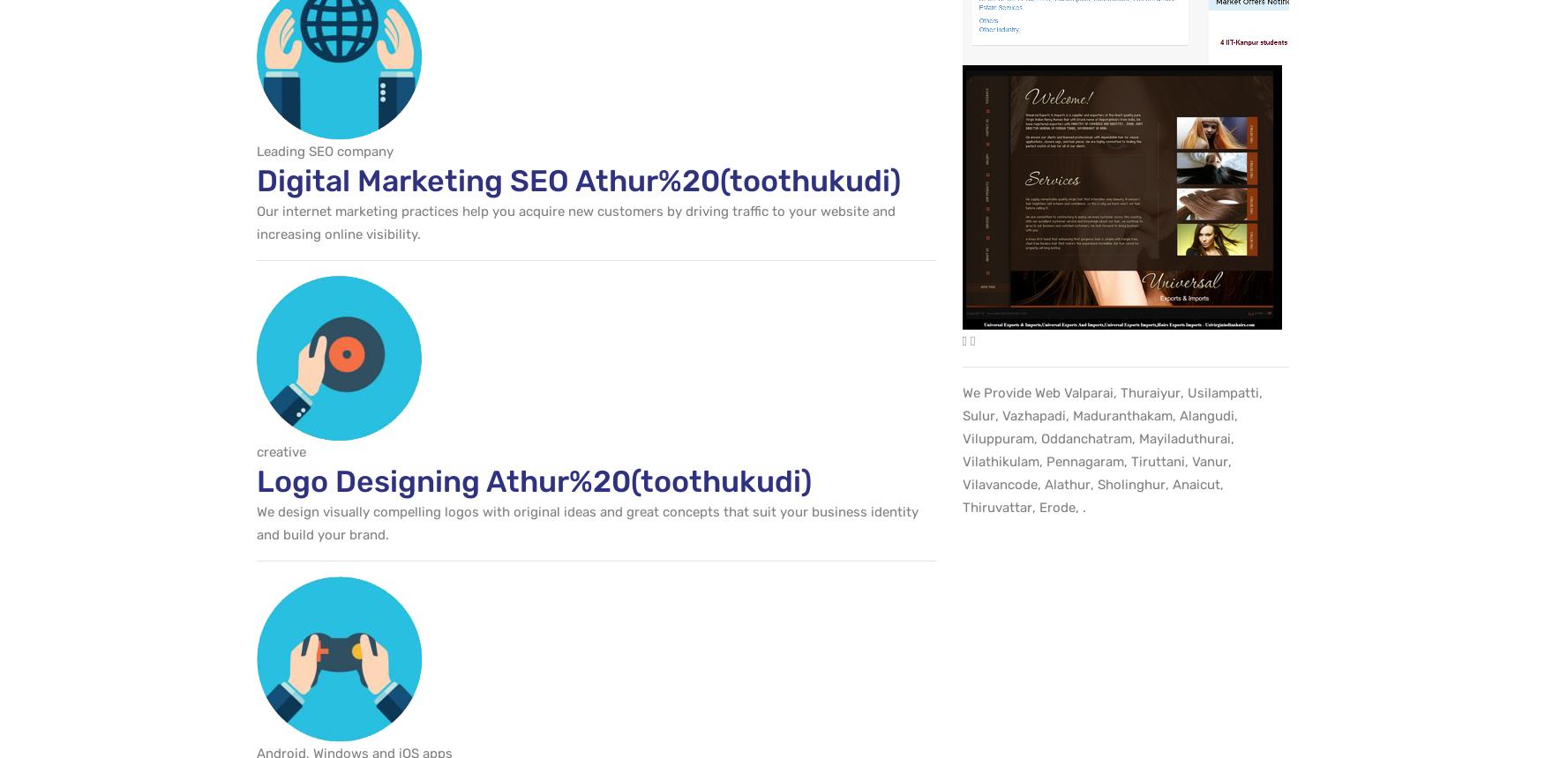  Describe the element at coordinates (1182, 438) in the screenshot. I see `'Mayiladuthurai'` at that location.